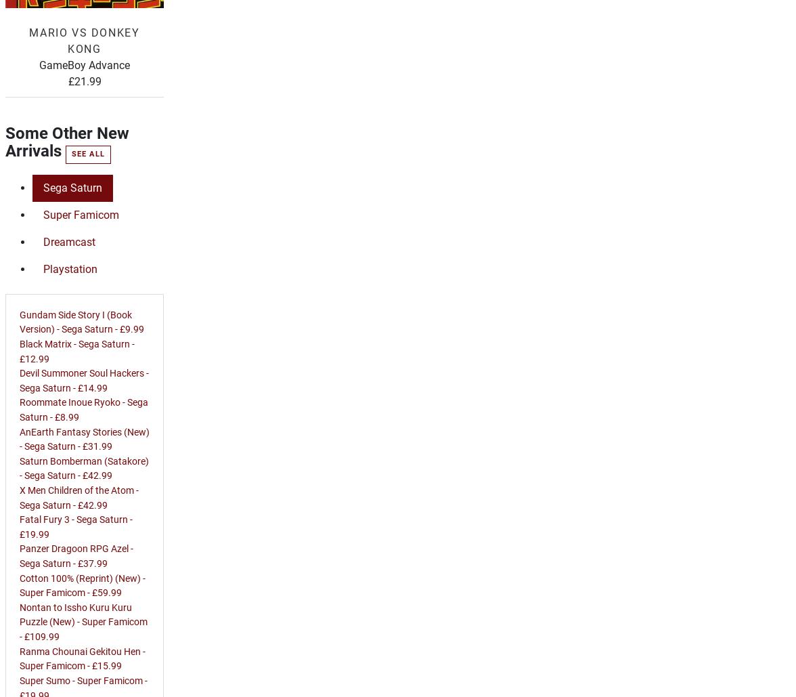 The image size is (796, 697). Describe the element at coordinates (76, 527) in the screenshot. I see `'Fatal Fury 3 - Sega Saturn - £19.99'` at that location.